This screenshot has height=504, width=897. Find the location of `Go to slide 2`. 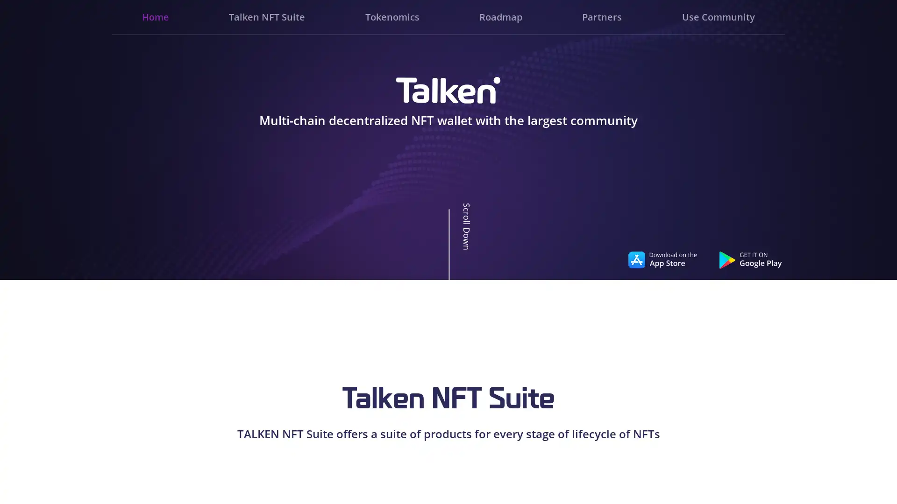

Go to slide 2 is located at coordinates (150, 396).